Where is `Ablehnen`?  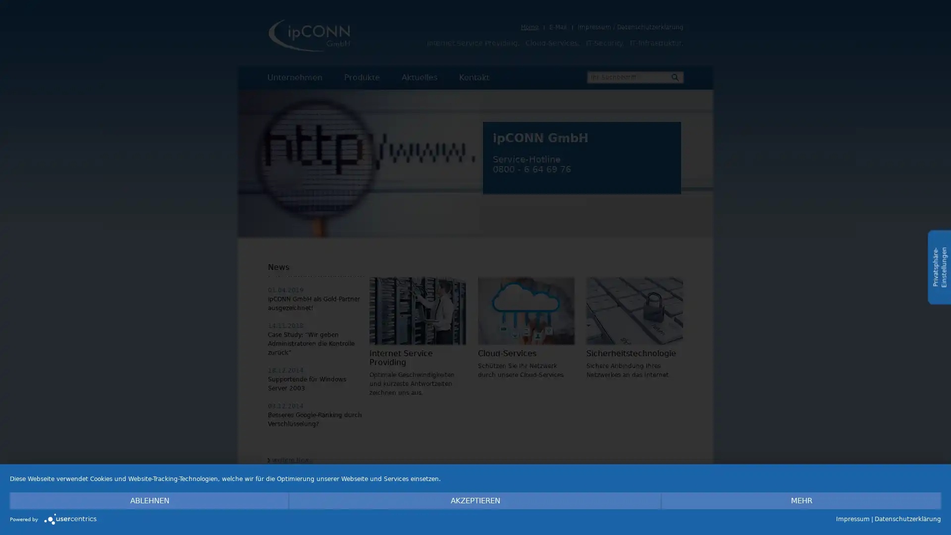 Ablehnen is located at coordinates (149, 500).